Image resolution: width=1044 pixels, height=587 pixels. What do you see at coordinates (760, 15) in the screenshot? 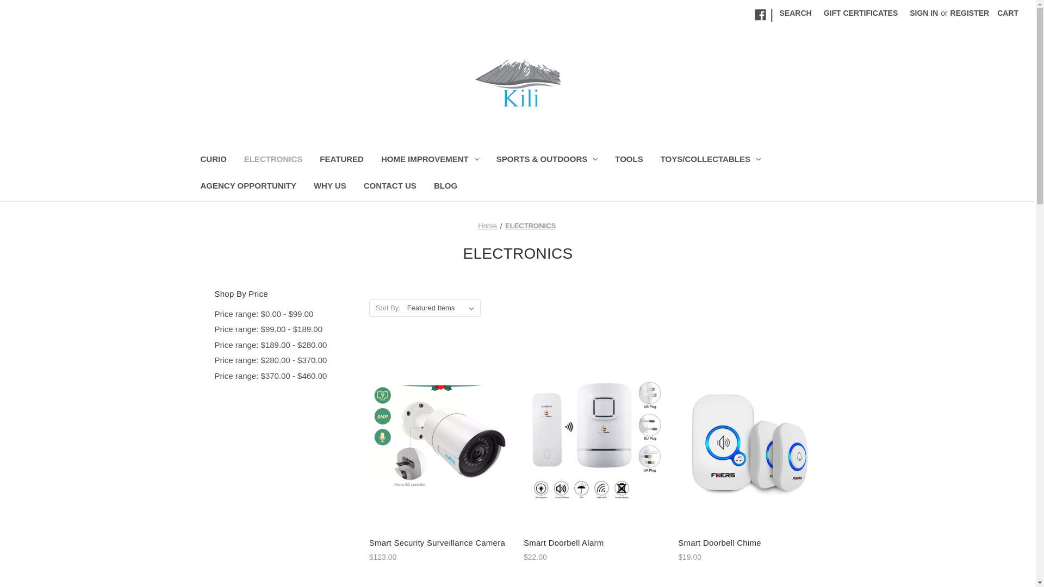
I see `'Facebook'` at bounding box center [760, 15].